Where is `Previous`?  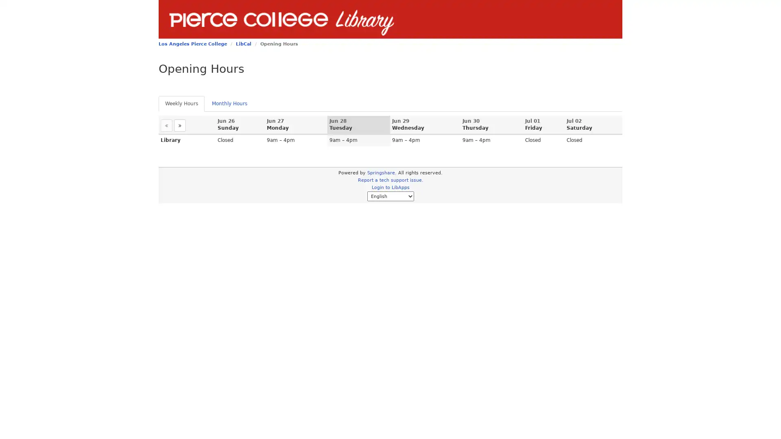
Previous is located at coordinates (166, 125).